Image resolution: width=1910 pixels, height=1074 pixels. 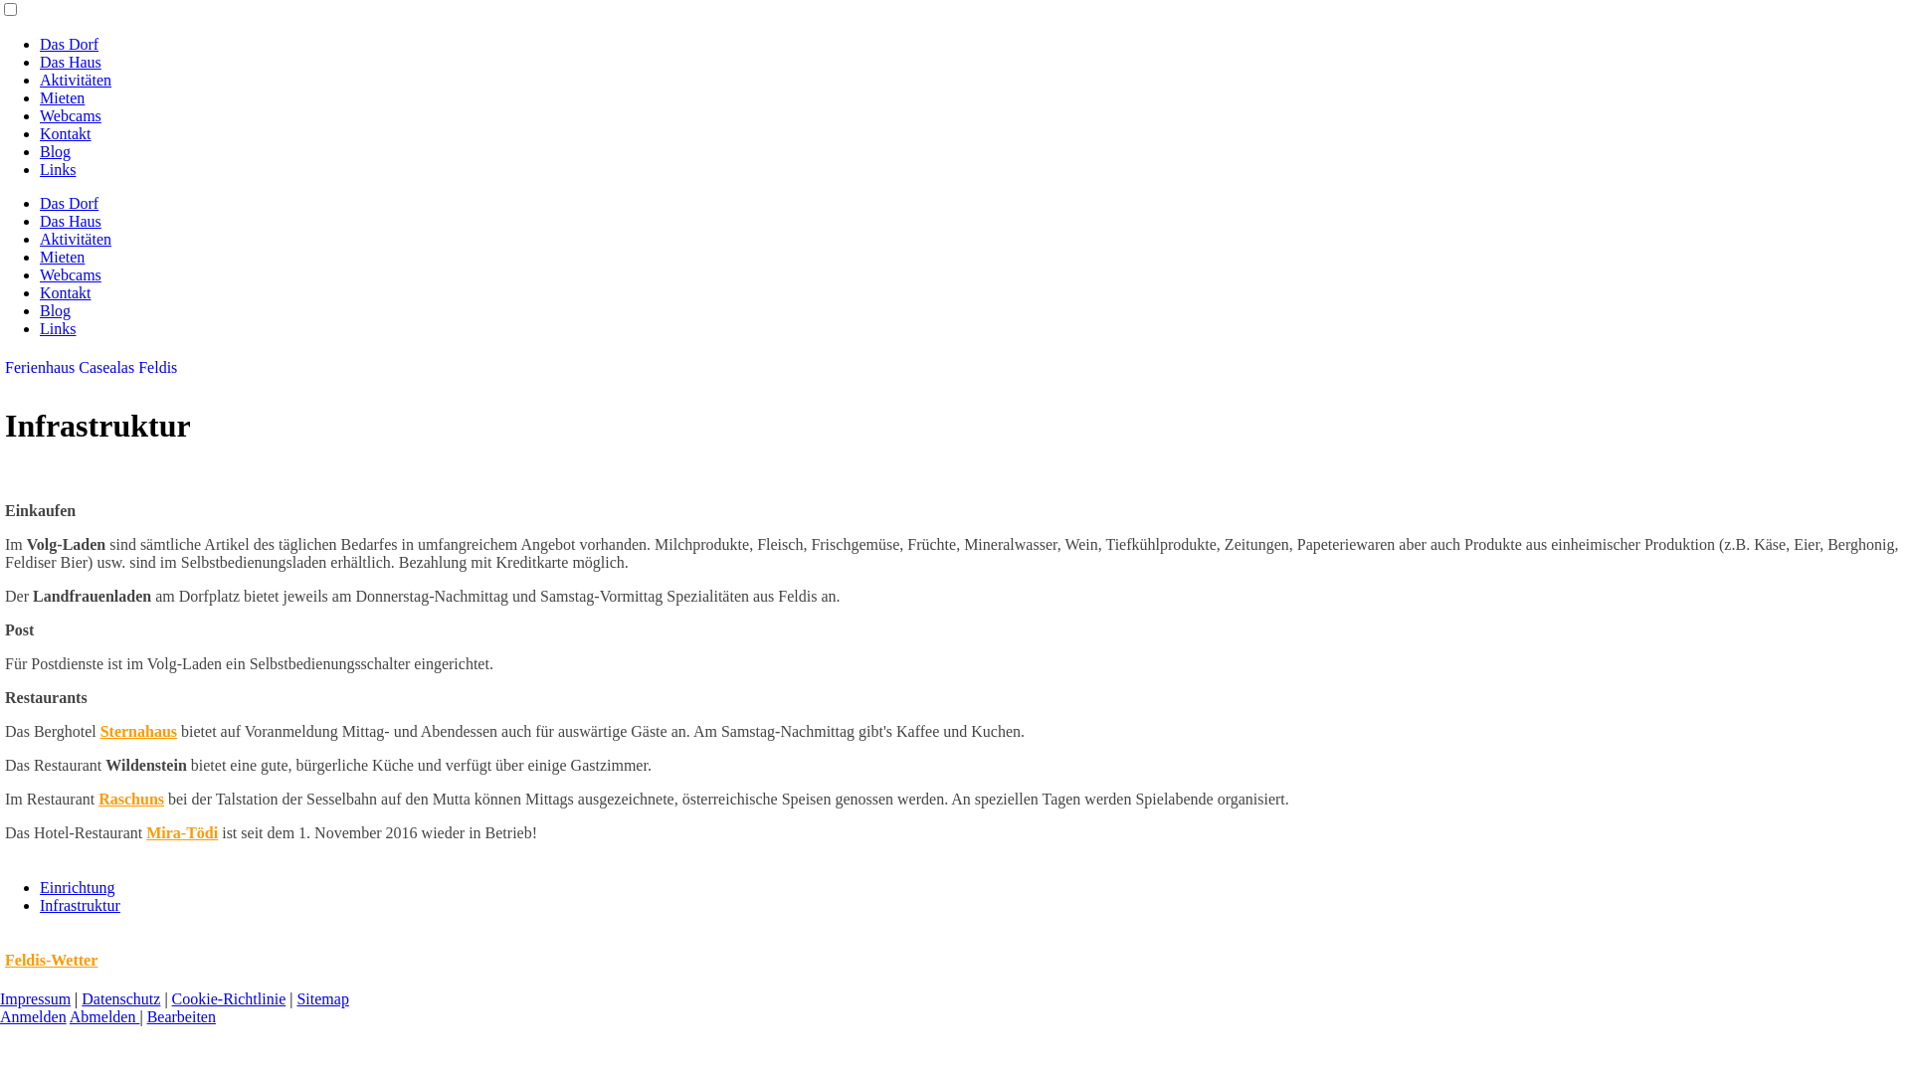 I want to click on 'Bearbeiten', so click(x=181, y=1016).